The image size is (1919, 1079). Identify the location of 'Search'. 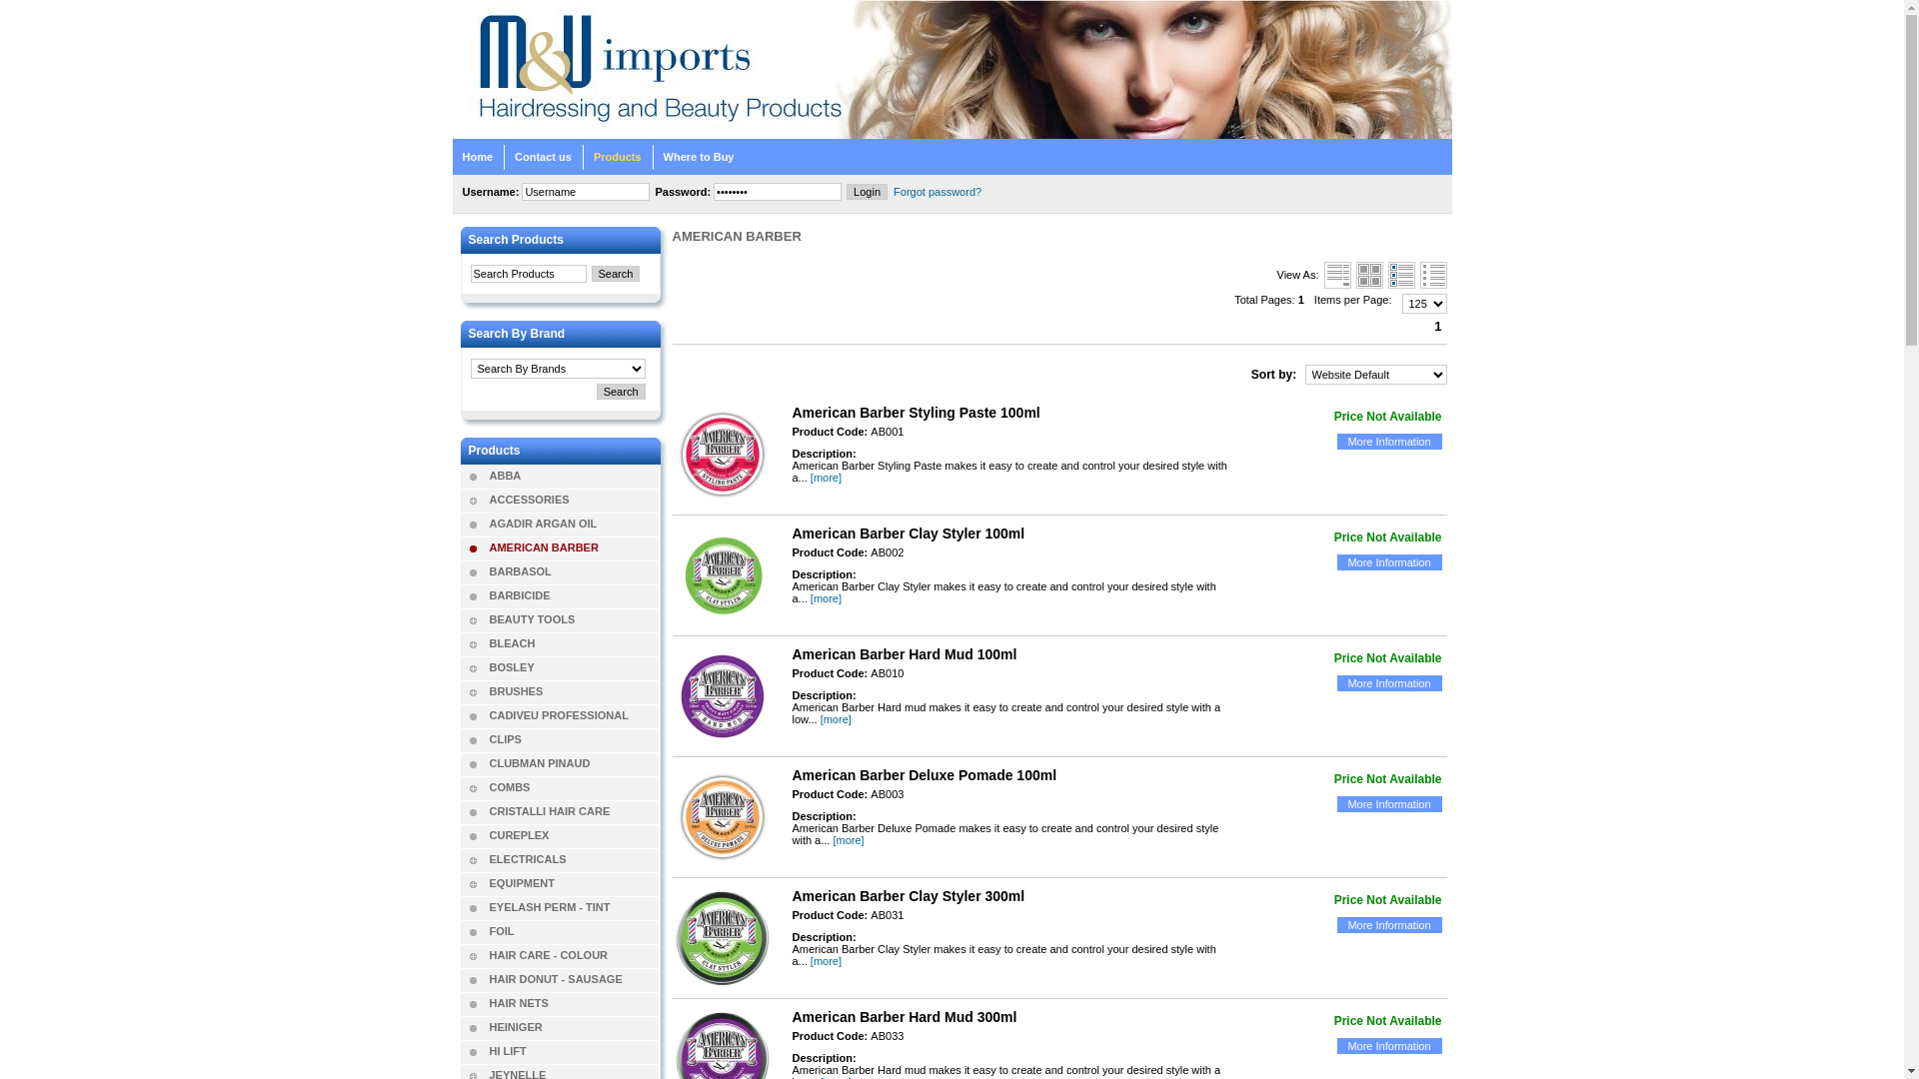
(615, 273).